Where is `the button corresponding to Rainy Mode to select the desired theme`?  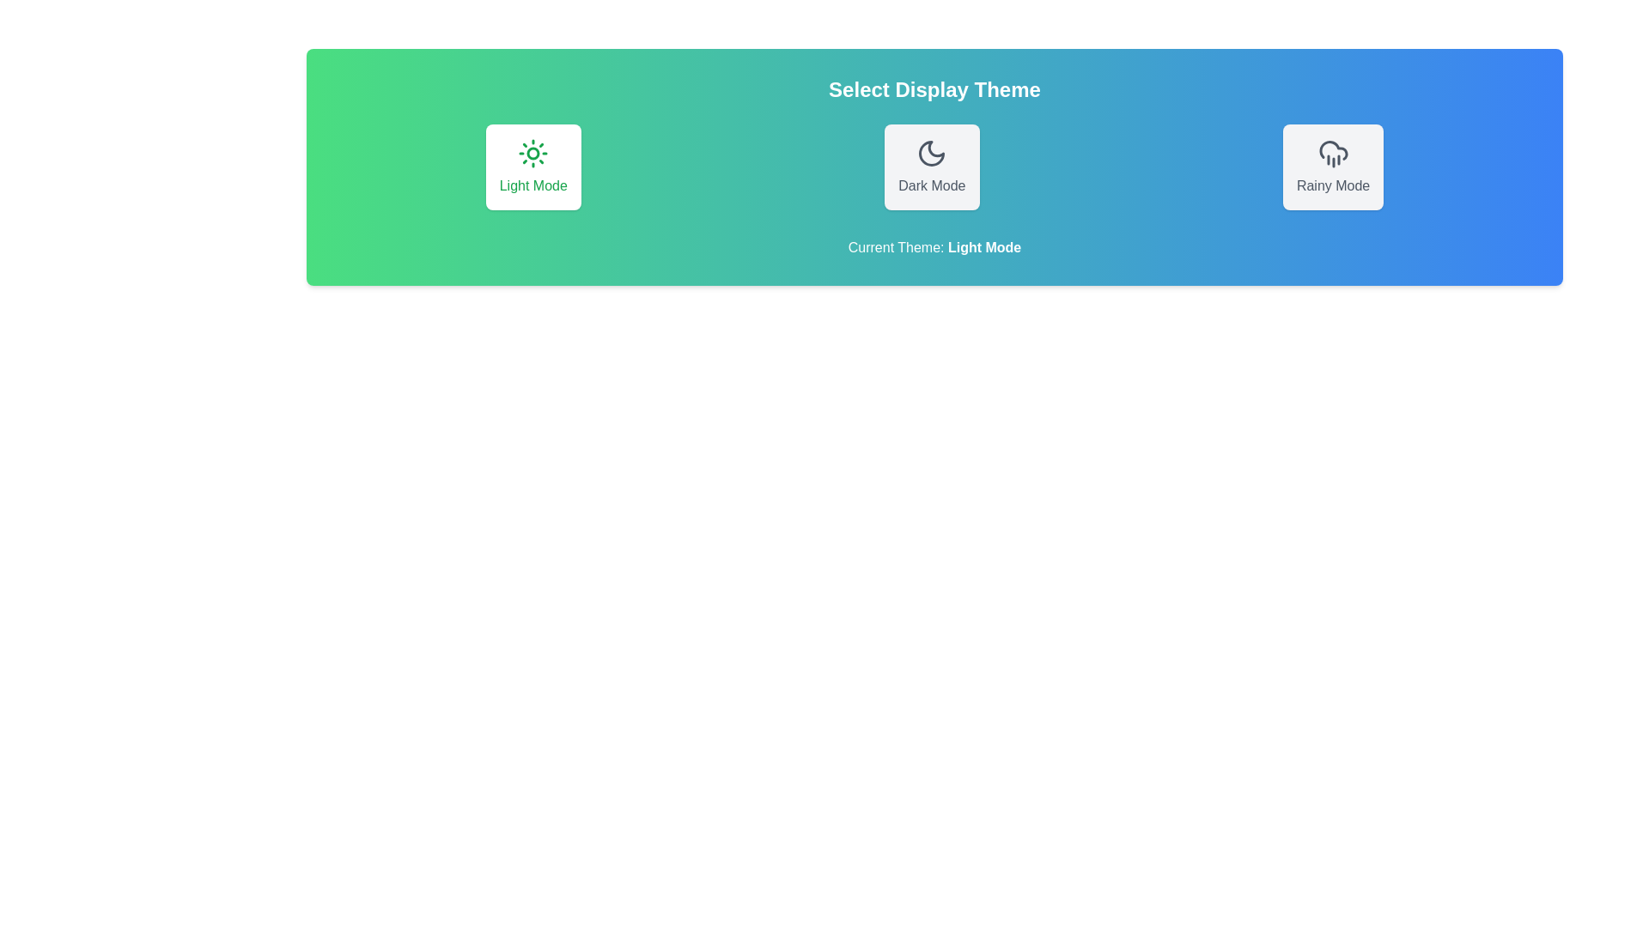 the button corresponding to Rainy Mode to select the desired theme is located at coordinates (1333, 167).